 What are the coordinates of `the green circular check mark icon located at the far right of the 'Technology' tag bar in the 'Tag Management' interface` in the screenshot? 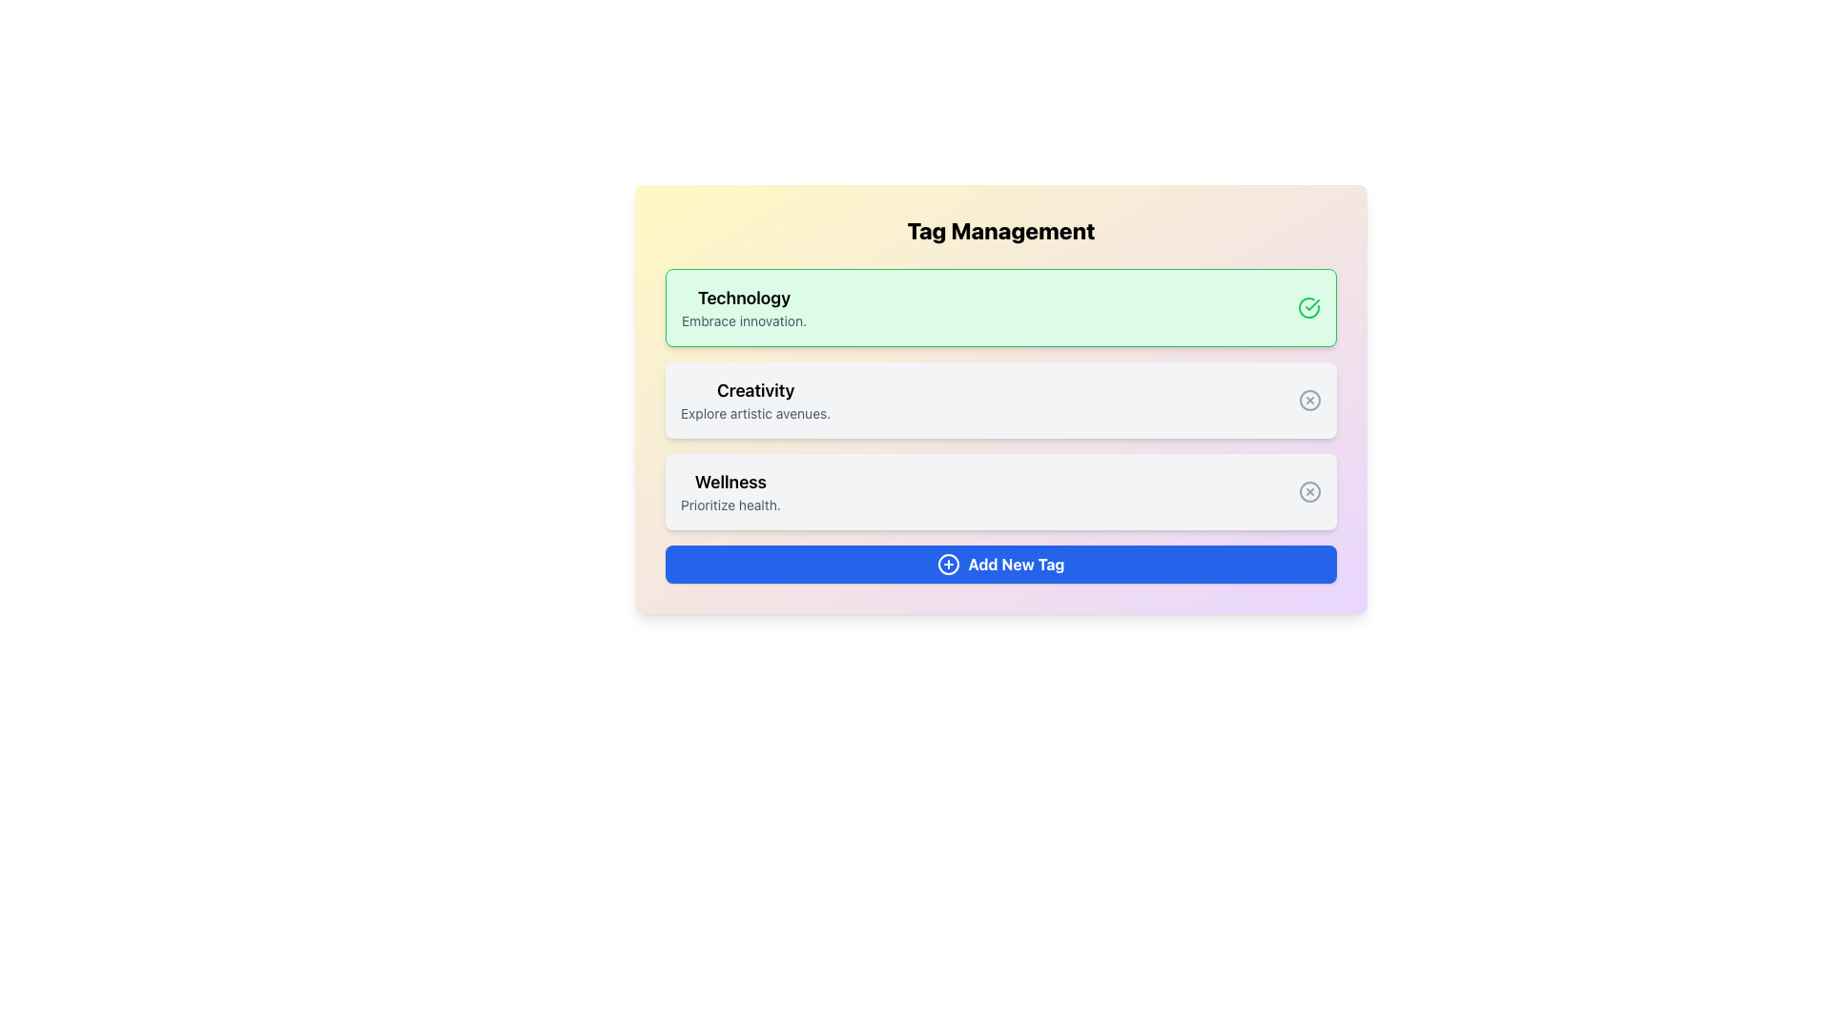 It's located at (1307, 307).